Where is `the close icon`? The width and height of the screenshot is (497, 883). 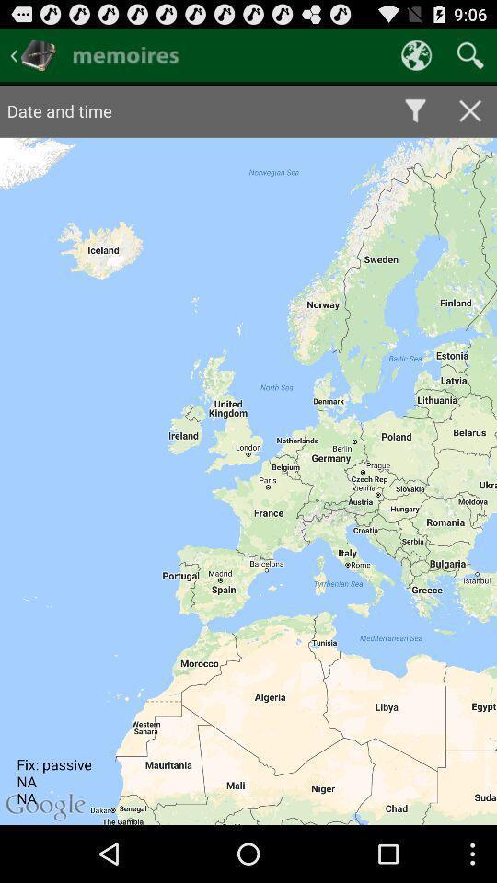
the close icon is located at coordinates (470, 118).